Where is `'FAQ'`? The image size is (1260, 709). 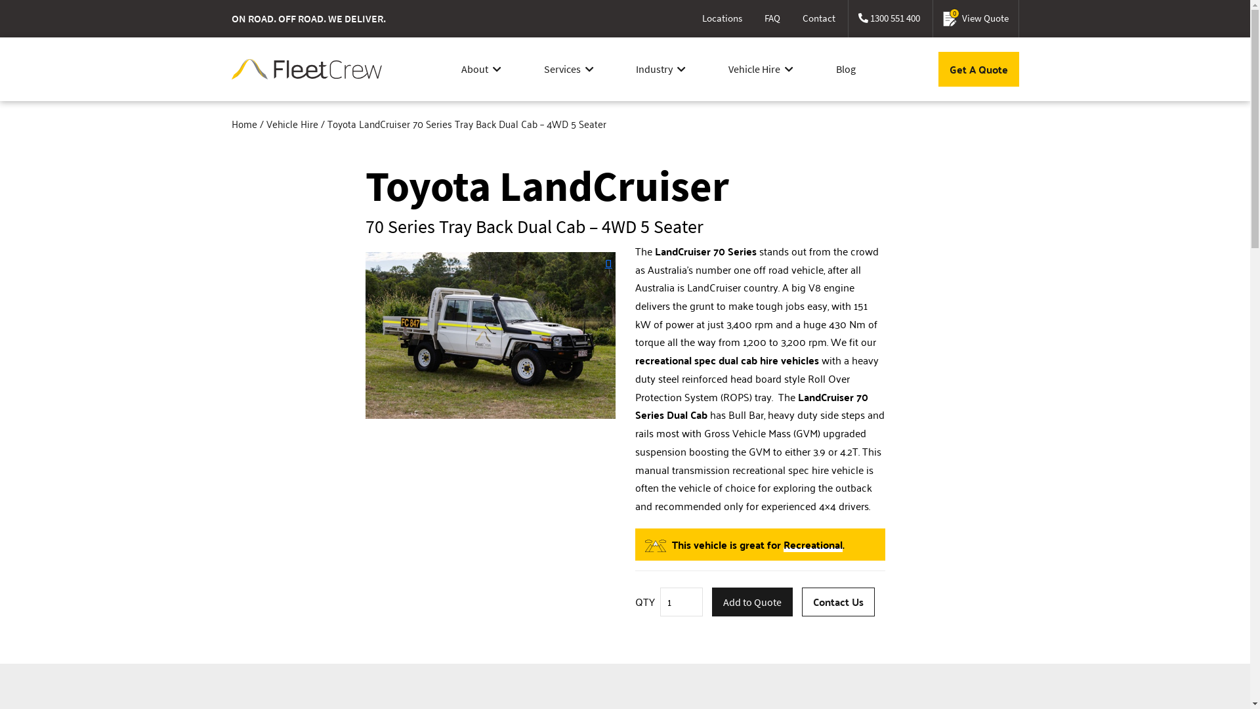
'FAQ' is located at coordinates (755, 18).